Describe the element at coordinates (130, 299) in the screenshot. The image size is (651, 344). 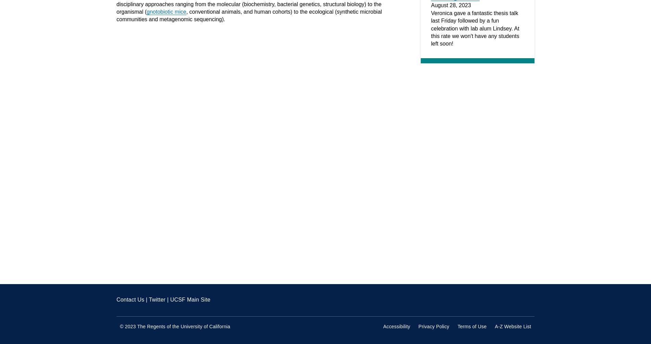
I see `'Contact Us'` at that location.